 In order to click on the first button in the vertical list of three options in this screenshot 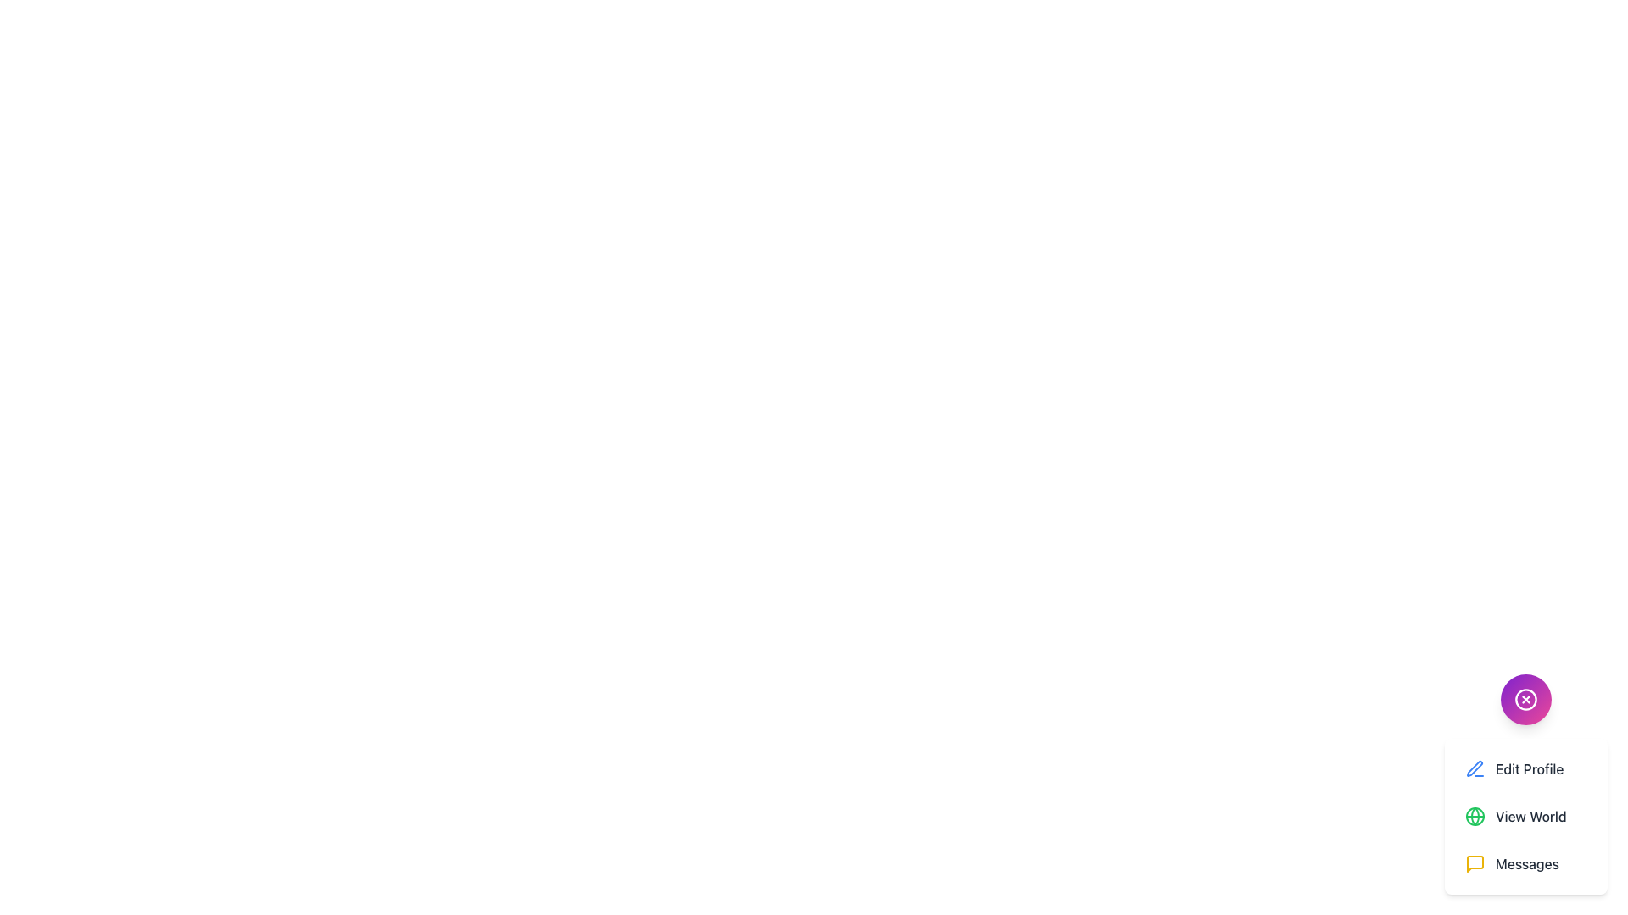, I will do `click(1526, 768)`.